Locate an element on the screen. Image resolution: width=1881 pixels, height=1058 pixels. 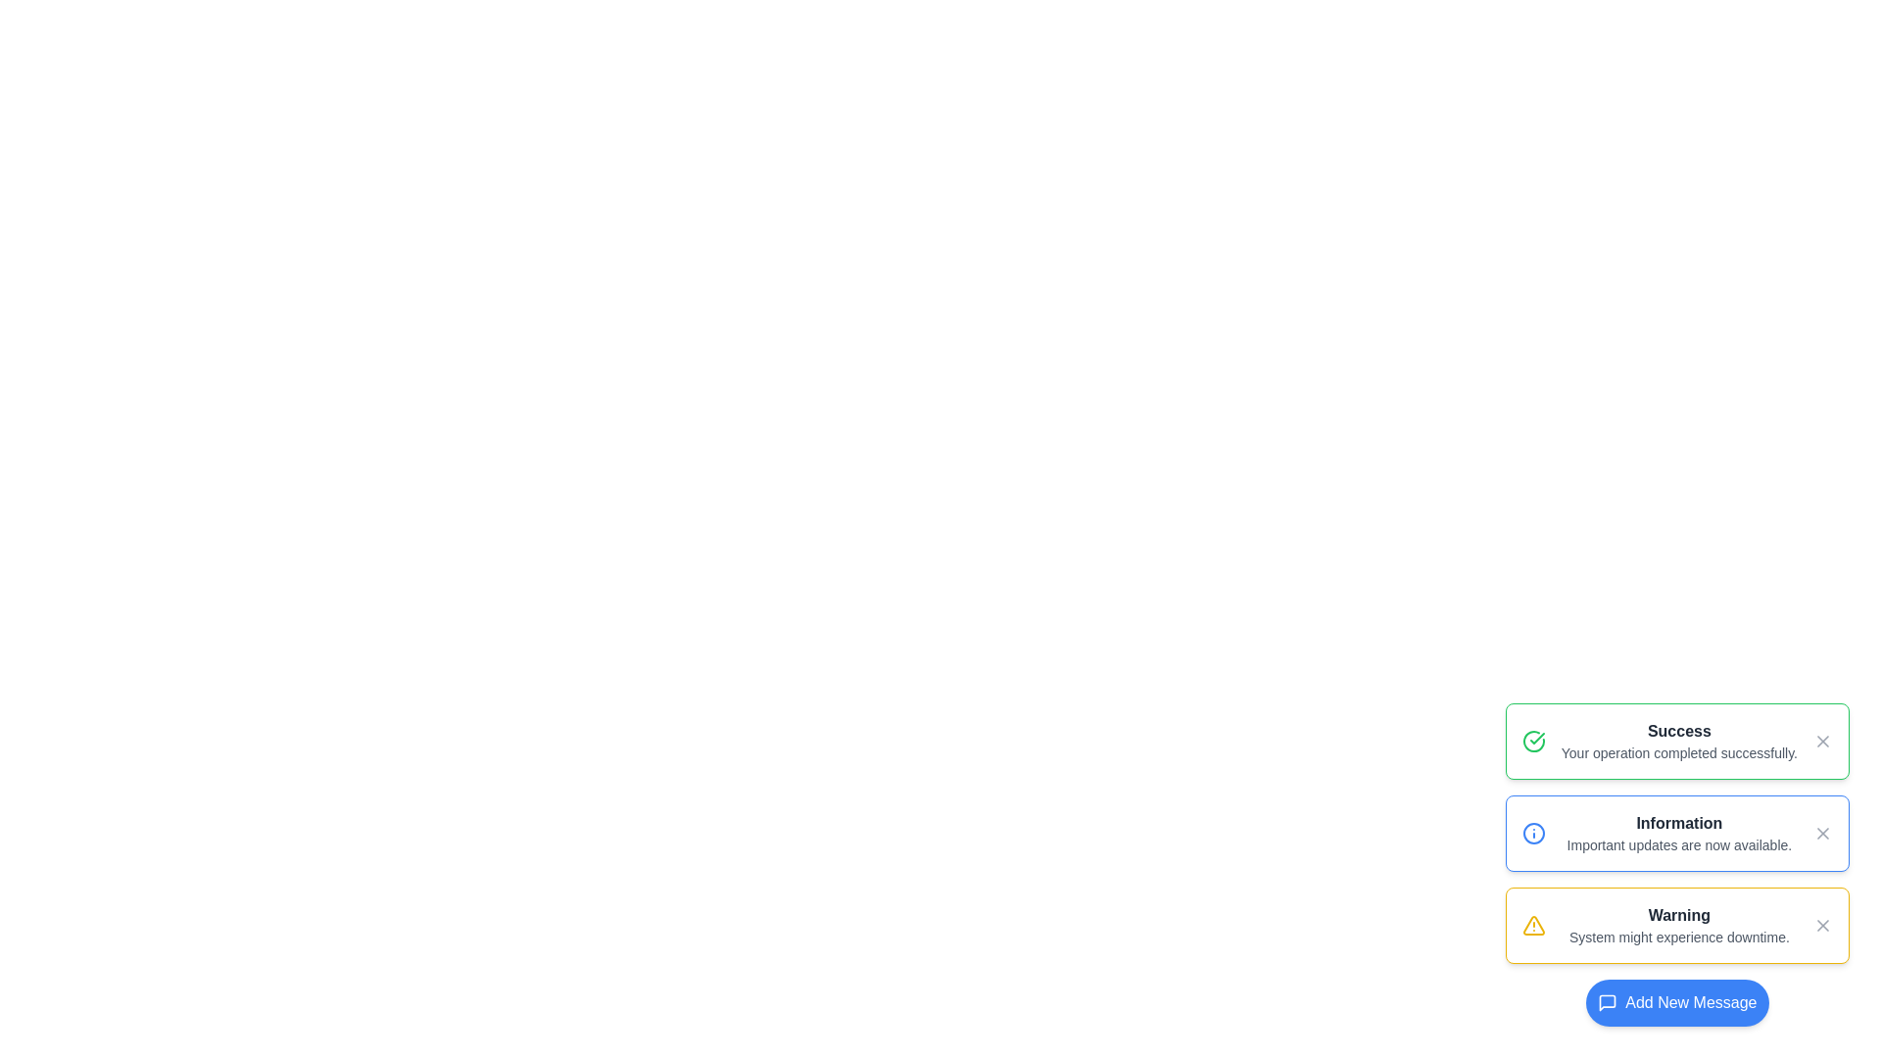
the Text label located within the 'Information' notification box, directly below the main title 'Information.' is located at coordinates (1678, 844).